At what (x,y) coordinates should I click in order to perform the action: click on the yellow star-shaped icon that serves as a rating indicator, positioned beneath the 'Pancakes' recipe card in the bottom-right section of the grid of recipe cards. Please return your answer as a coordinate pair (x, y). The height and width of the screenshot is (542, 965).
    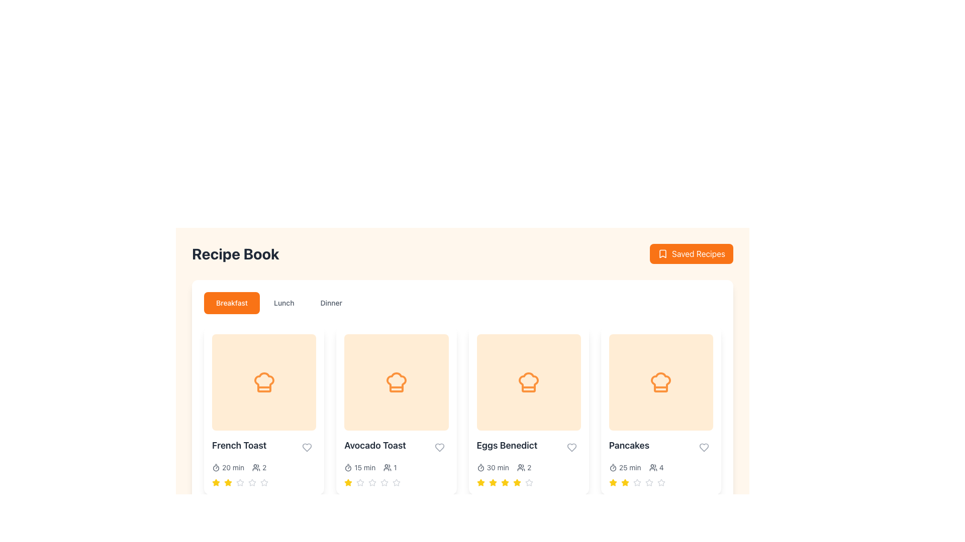
    Looking at the image, I should click on (612, 482).